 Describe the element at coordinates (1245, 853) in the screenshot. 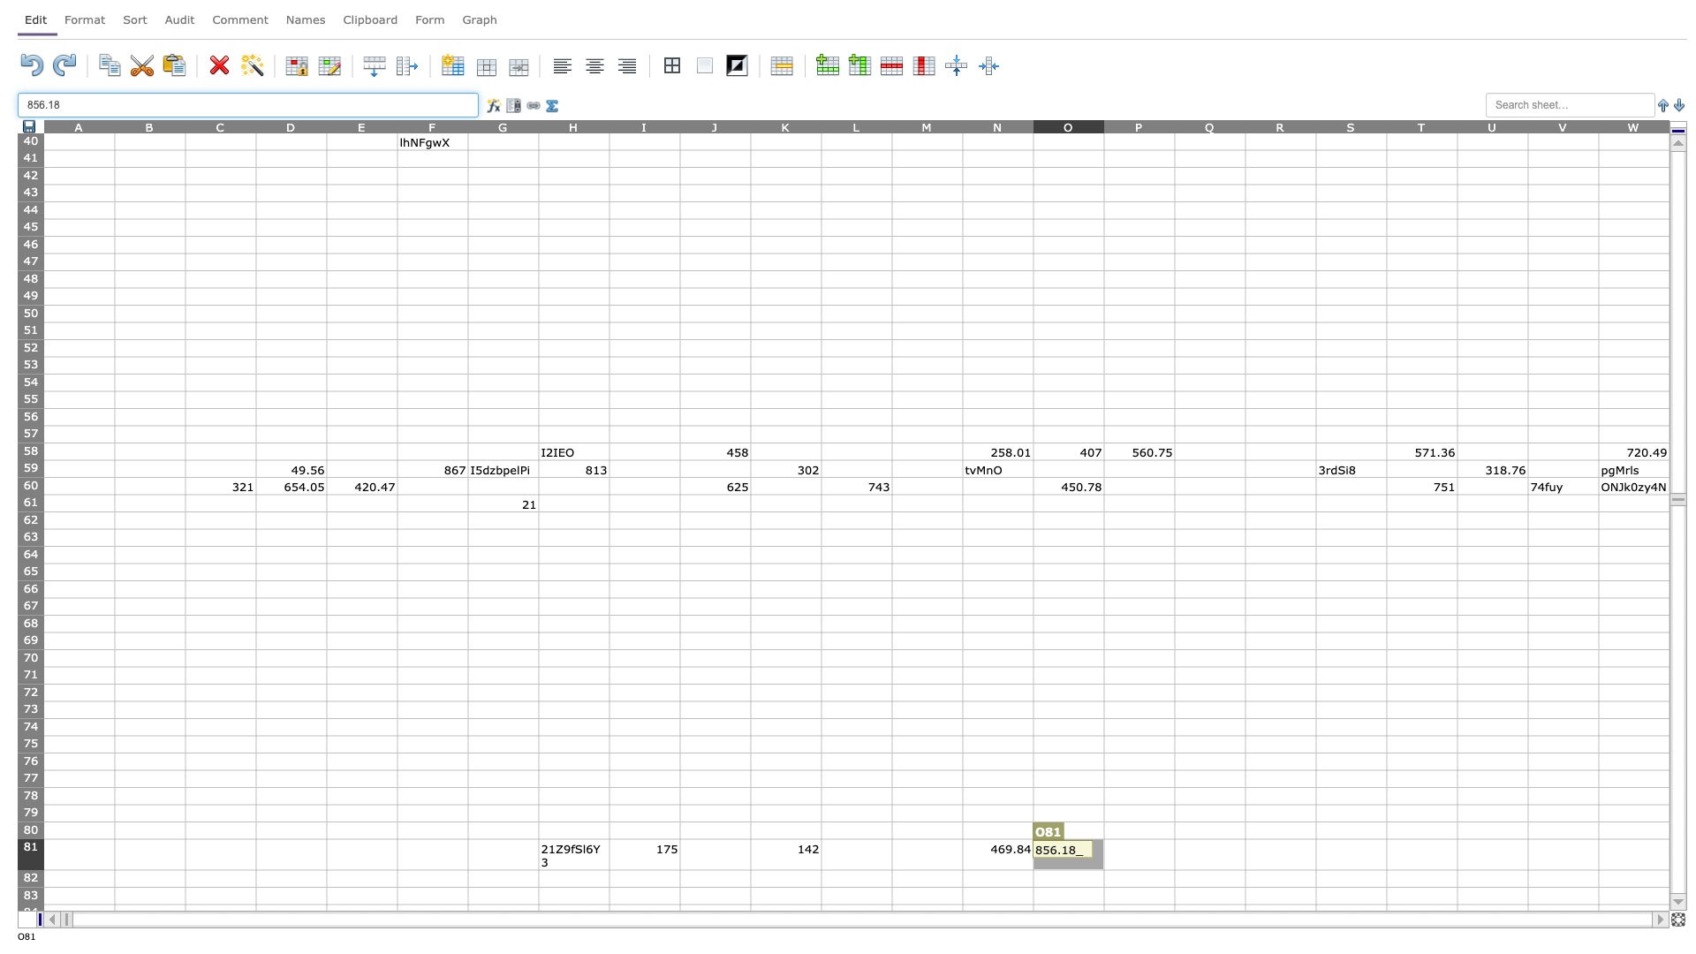

I see `right edge of cell Q81` at that location.